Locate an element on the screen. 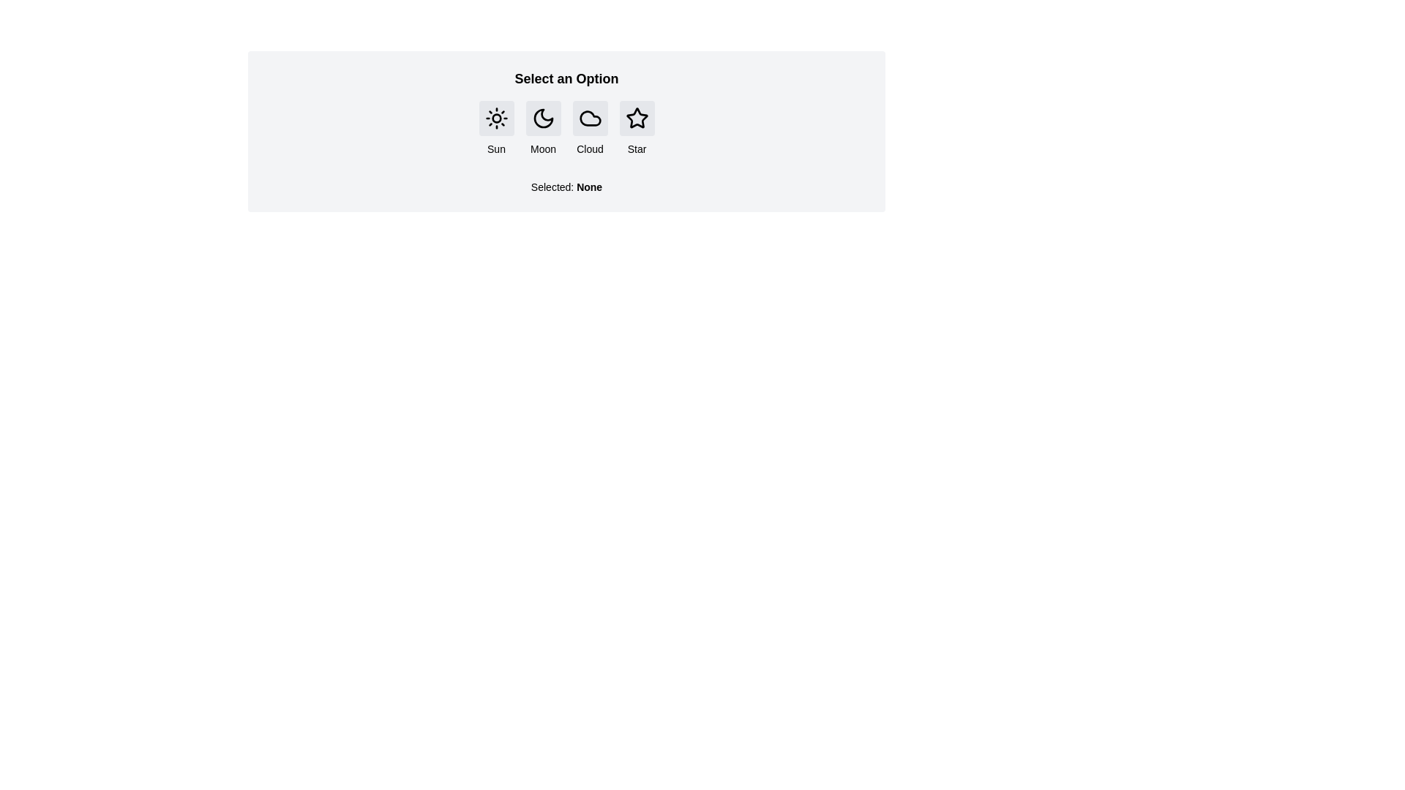 The height and width of the screenshot is (790, 1405). the Interactive selection interface for options 'Sun', 'Moon', 'Cloud', or 'Star' is located at coordinates (566, 132).